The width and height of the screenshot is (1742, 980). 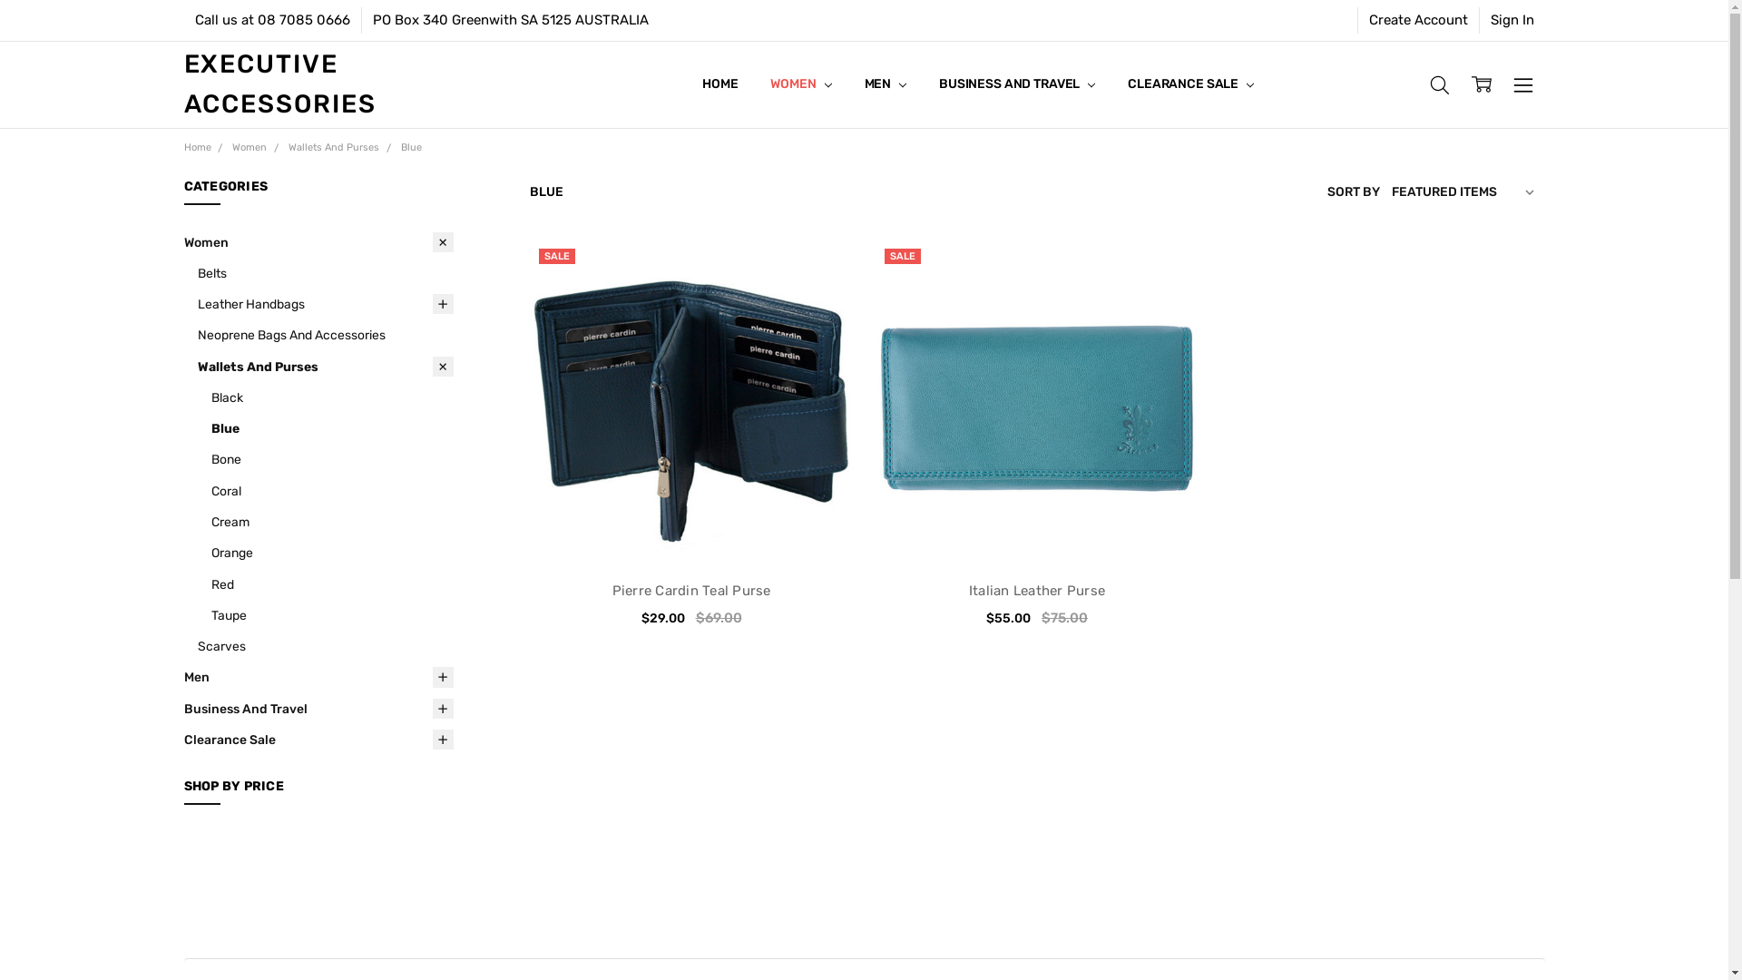 What do you see at coordinates (331, 427) in the screenshot?
I see `'Blue'` at bounding box center [331, 427].